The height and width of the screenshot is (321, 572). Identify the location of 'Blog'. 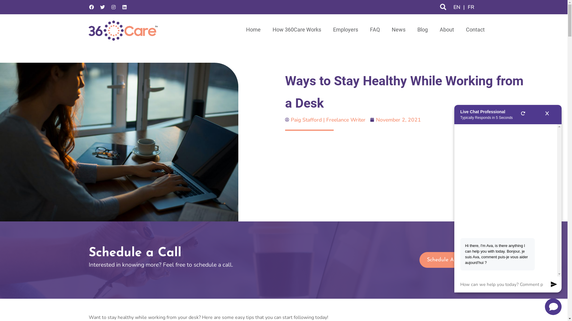
(422, 30).